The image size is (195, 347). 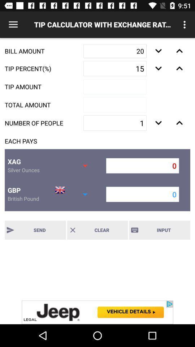 What do you see at coordinates (179, 51) in the screenshot?
I see `go next` at bounding box center [179, 51].